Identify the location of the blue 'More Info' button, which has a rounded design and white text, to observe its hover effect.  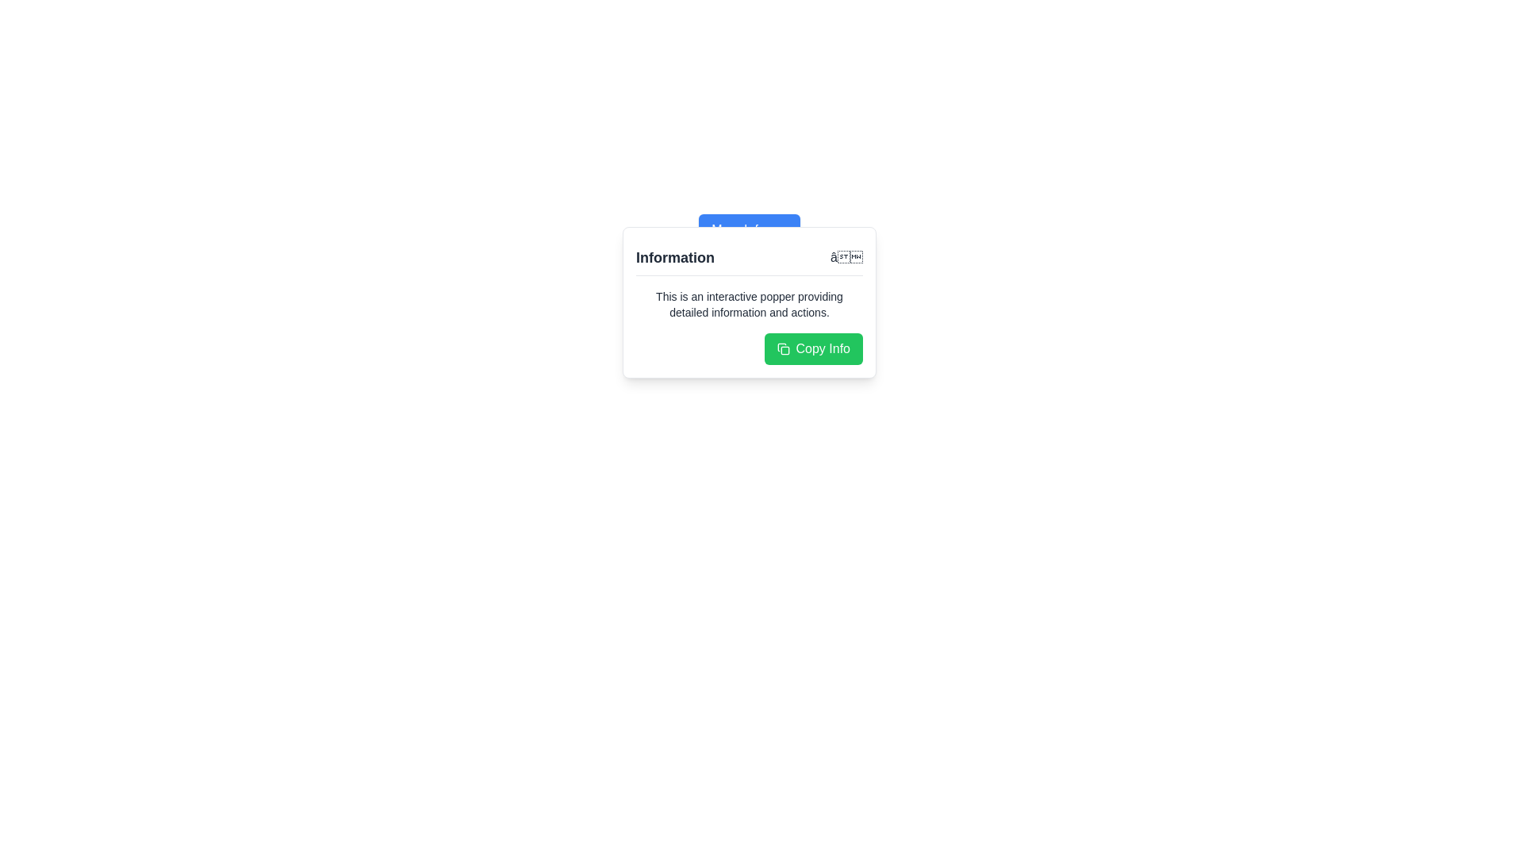
(749, 229).